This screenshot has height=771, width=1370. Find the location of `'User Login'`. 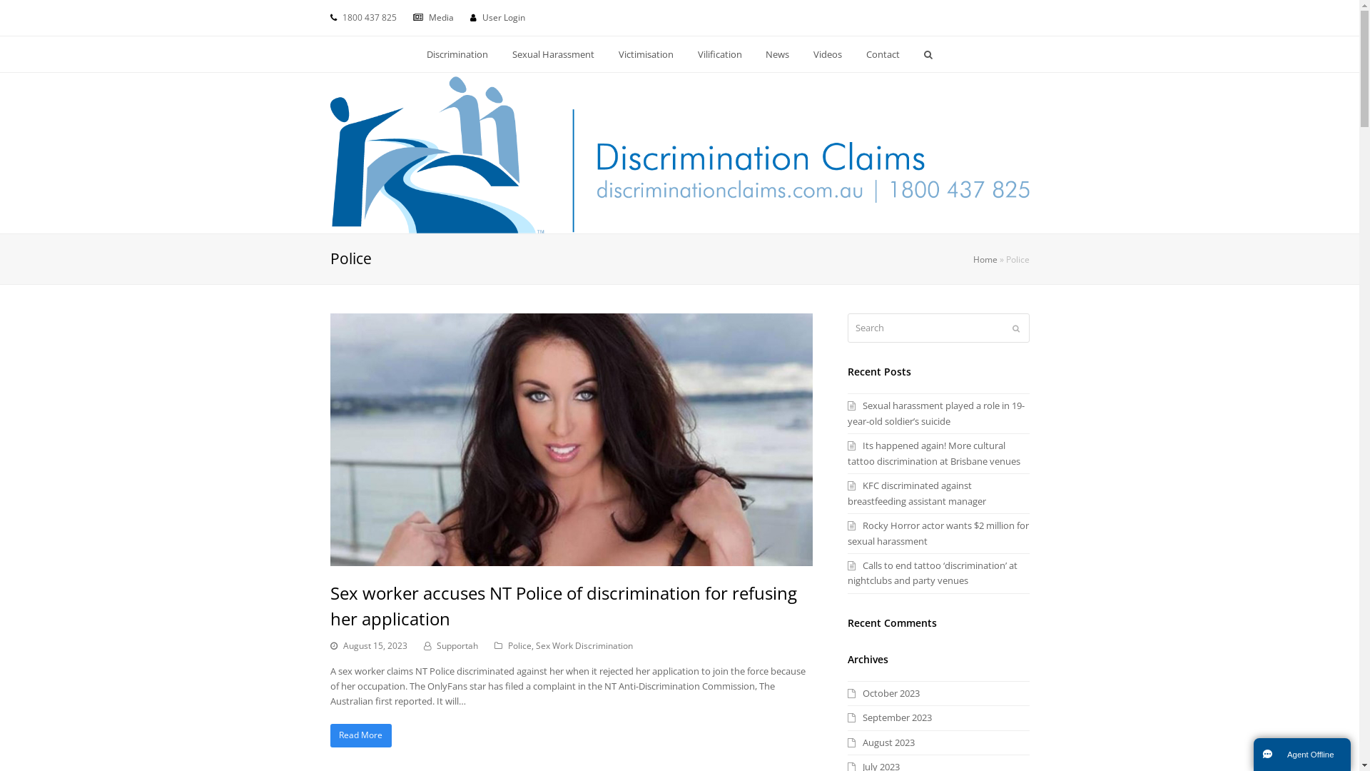

'User Login' is located at coordinates (503, 17).